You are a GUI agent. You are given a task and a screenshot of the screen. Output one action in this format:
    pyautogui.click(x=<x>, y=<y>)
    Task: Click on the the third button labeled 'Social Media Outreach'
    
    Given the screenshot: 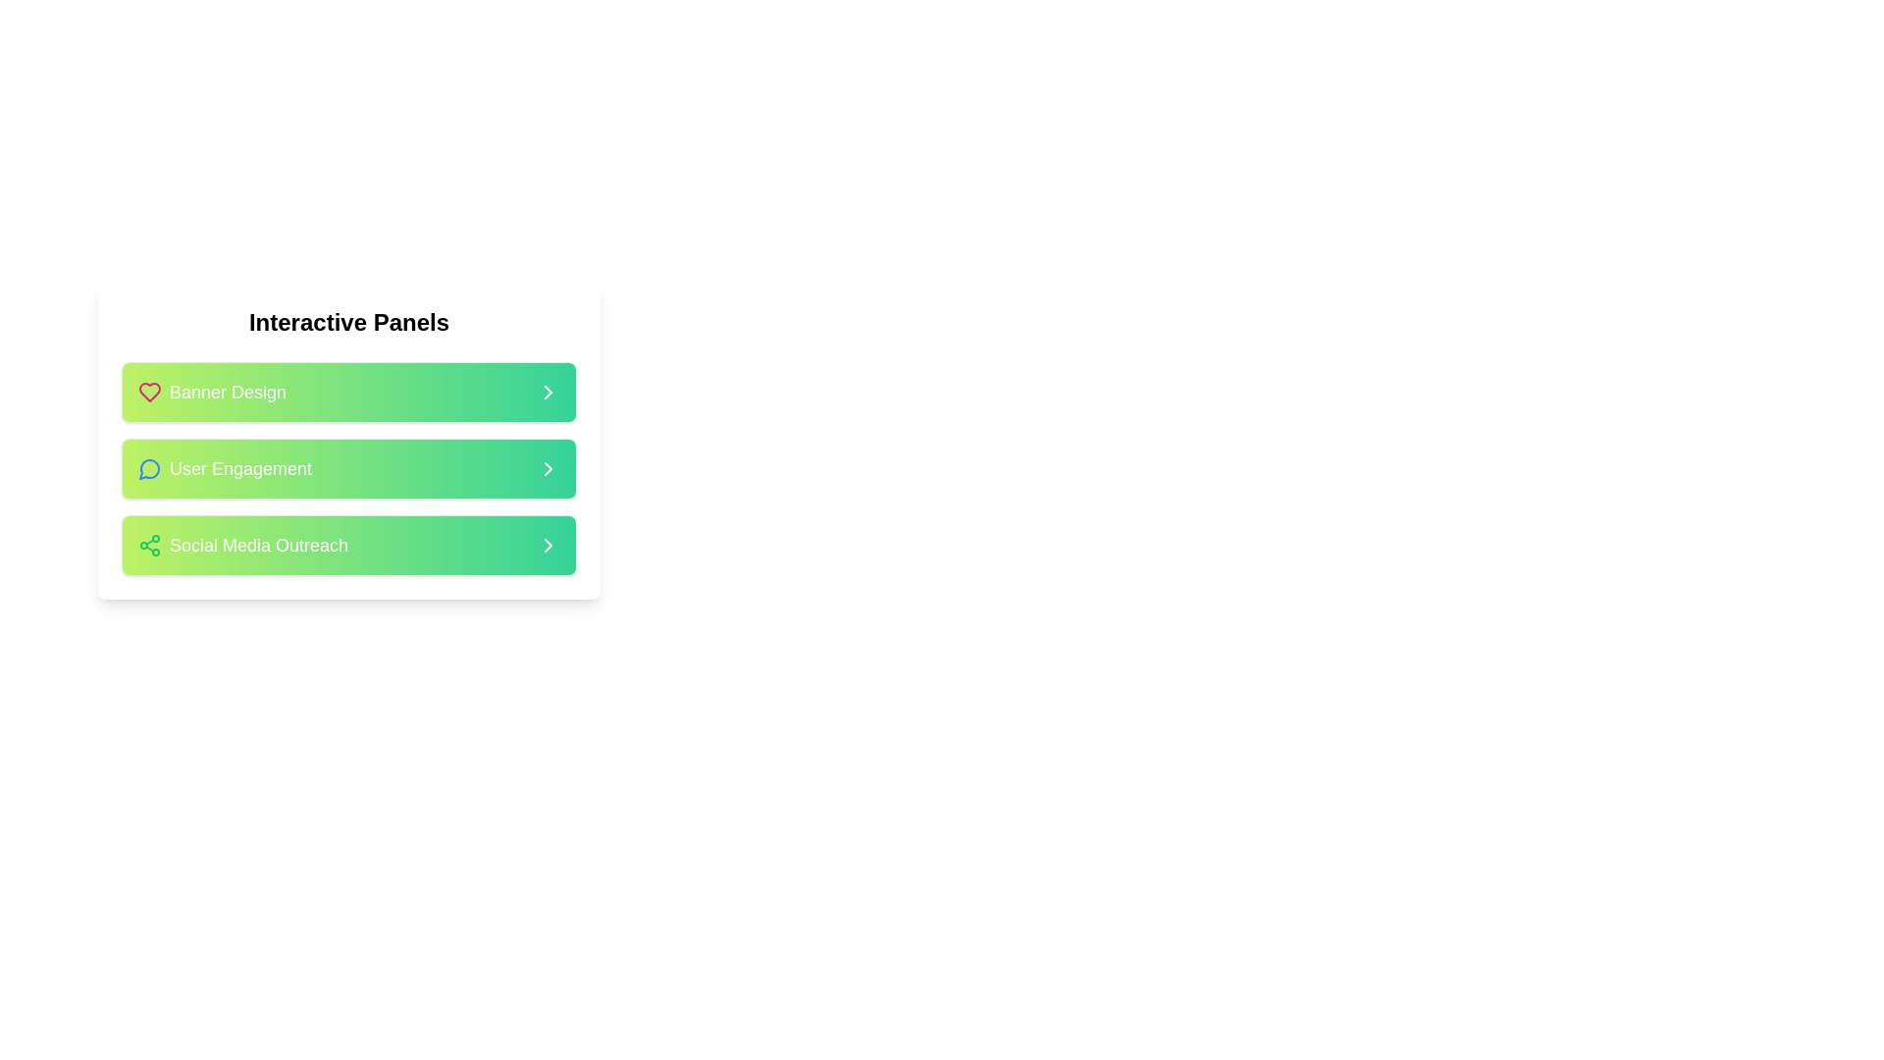 What is the action you would take?
    pyautogui.click(x=242, y=545)
    